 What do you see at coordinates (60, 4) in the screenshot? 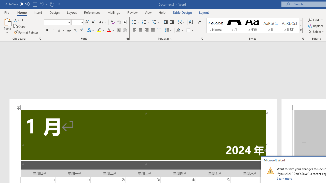
I see `'Customize Quick Access Toolbar'` at bounding box center [60, 4].